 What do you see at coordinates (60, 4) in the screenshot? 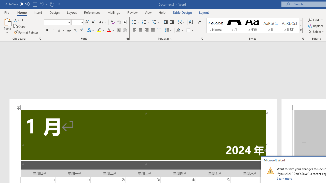
I see `'Customize Quick Access Toolbar'` at bounding box center [60, 4].